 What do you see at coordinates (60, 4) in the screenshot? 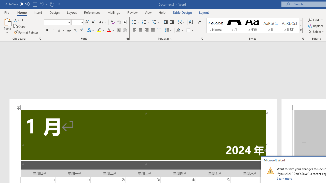
I see `'Customize Quick Access Toolbar'` at bounding box center [60, 4].